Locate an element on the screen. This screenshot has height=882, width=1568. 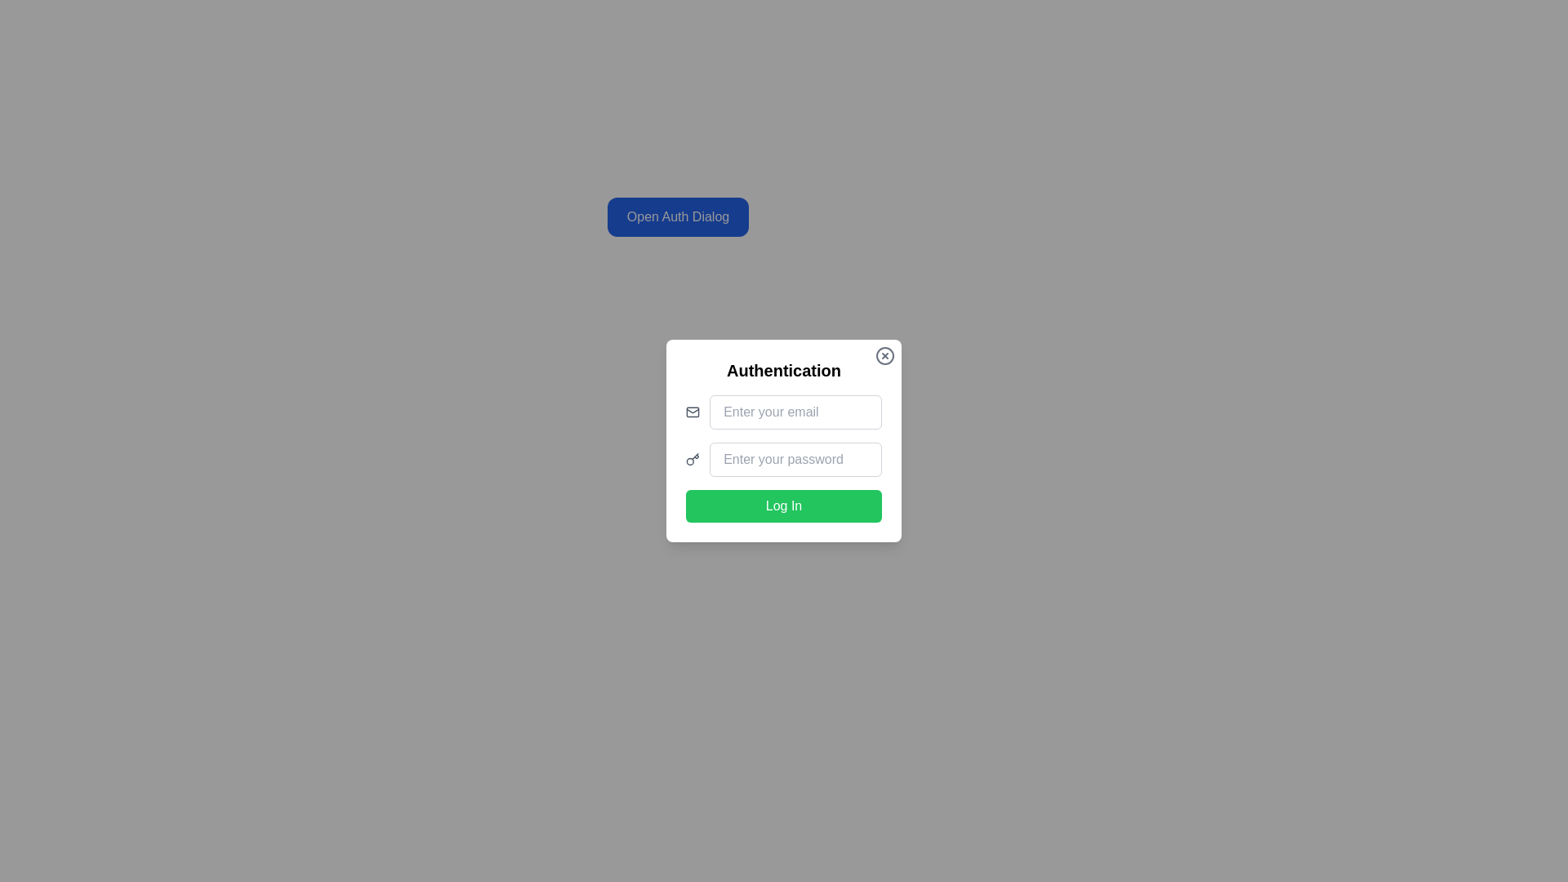
the close button located at the top-right corner of the 'Authentication' dialog box is located at coordinates (884, 354).